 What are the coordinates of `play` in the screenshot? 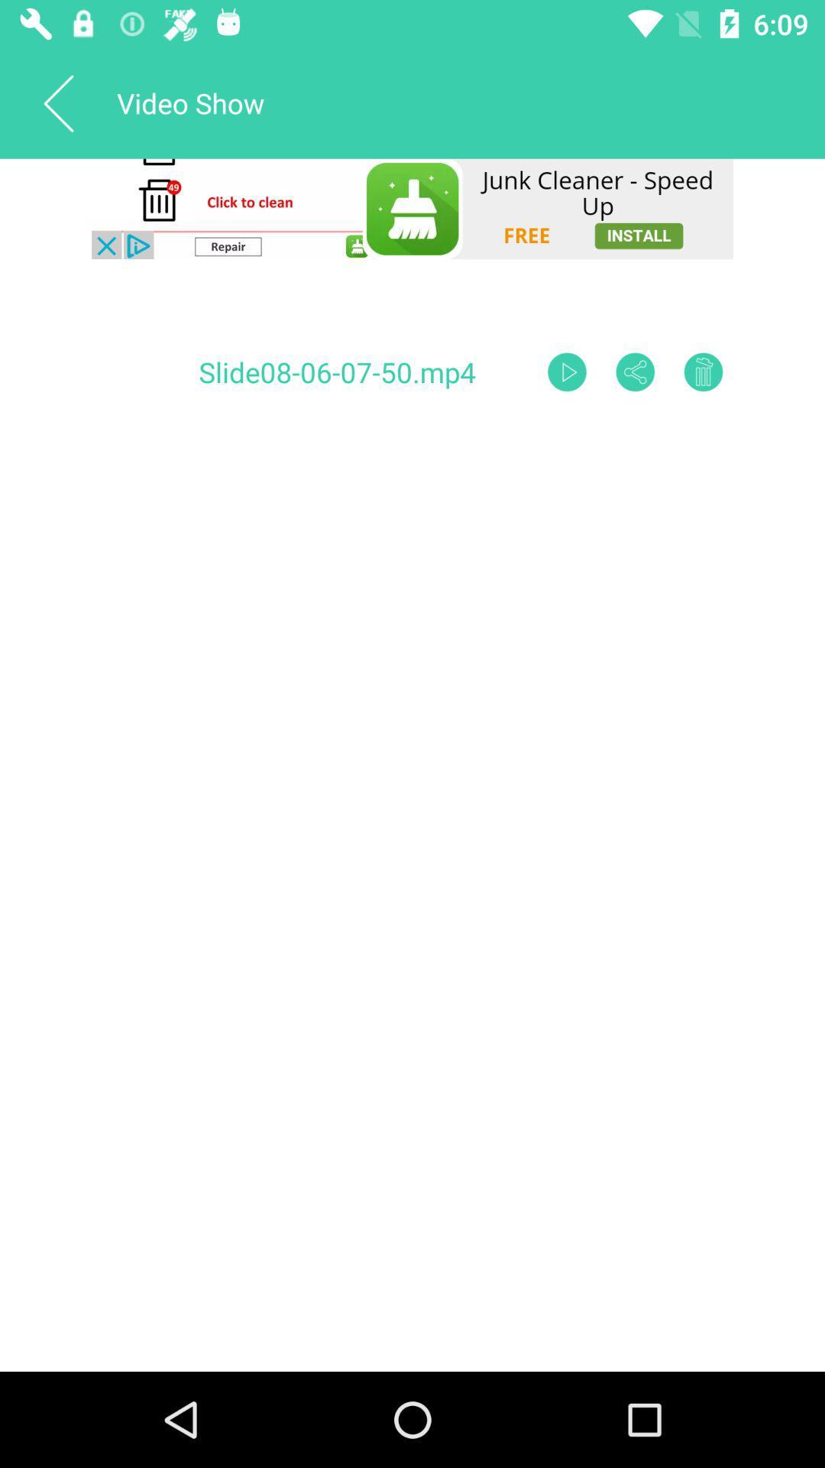 It's located at (567, 372).